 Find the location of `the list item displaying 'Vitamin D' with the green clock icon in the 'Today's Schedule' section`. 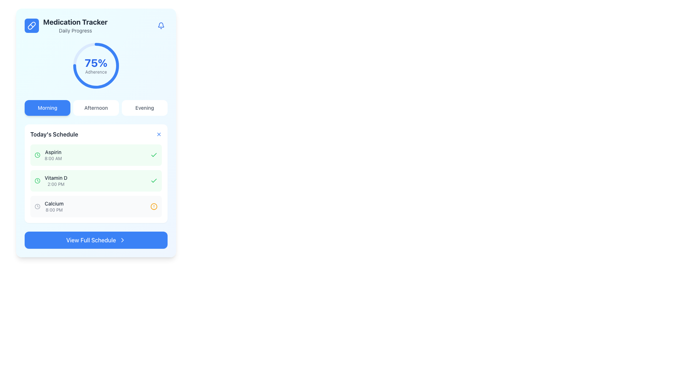

the list item displaying 'Vitamin D' with the green clock icon in the 'Today's Schedule' section is located at coordinates (50, 180).